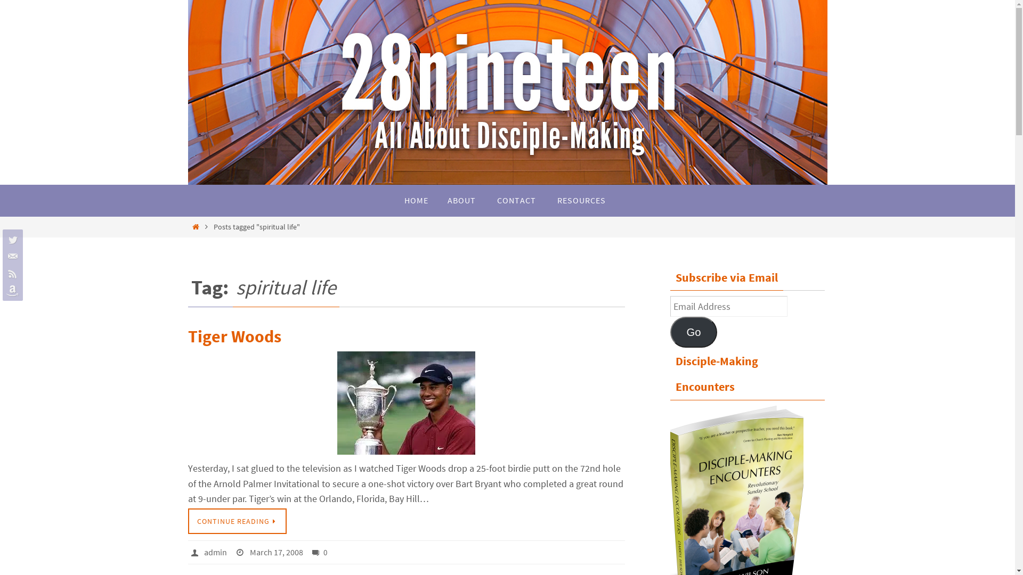 This screenshot has width=1023, height=575. Describe the element at coordinates (215, 552) in the screenshot. I see `'admin'` at that location.